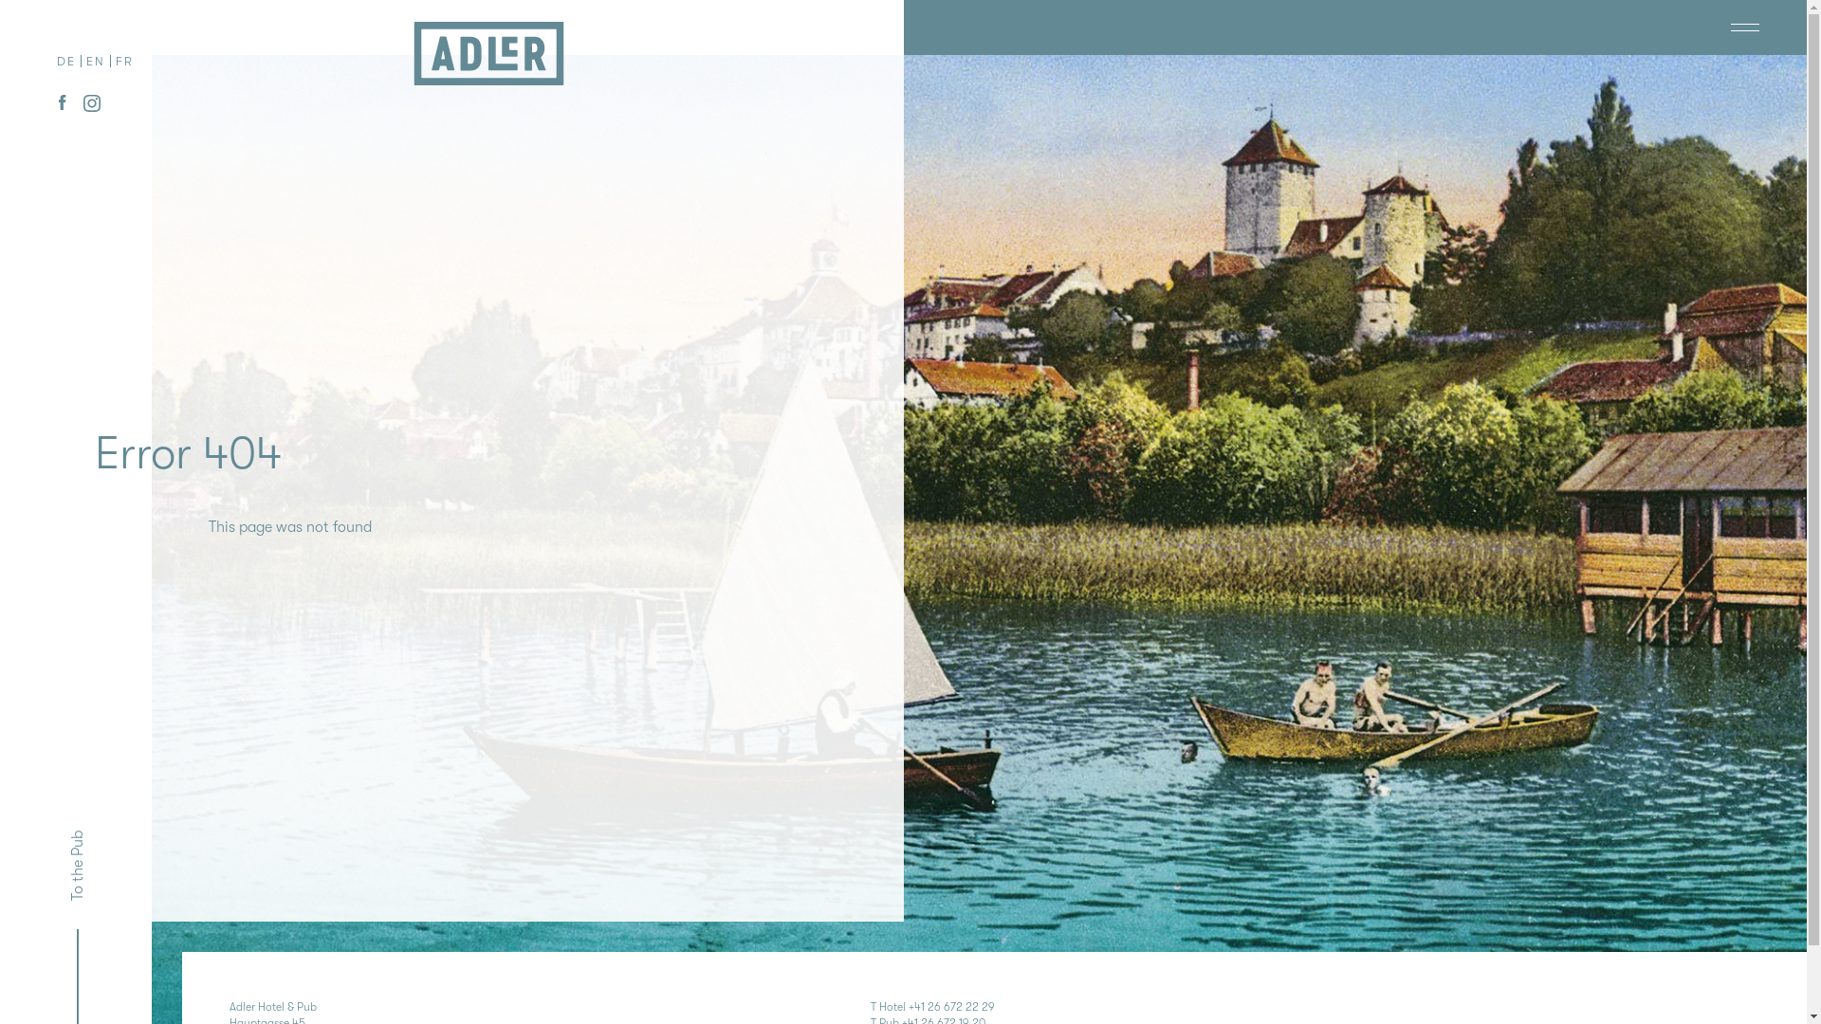  What do you see at coordinates (85, 61) in the screenshot?
I see `'EN'` at bounding box center [85, 61].